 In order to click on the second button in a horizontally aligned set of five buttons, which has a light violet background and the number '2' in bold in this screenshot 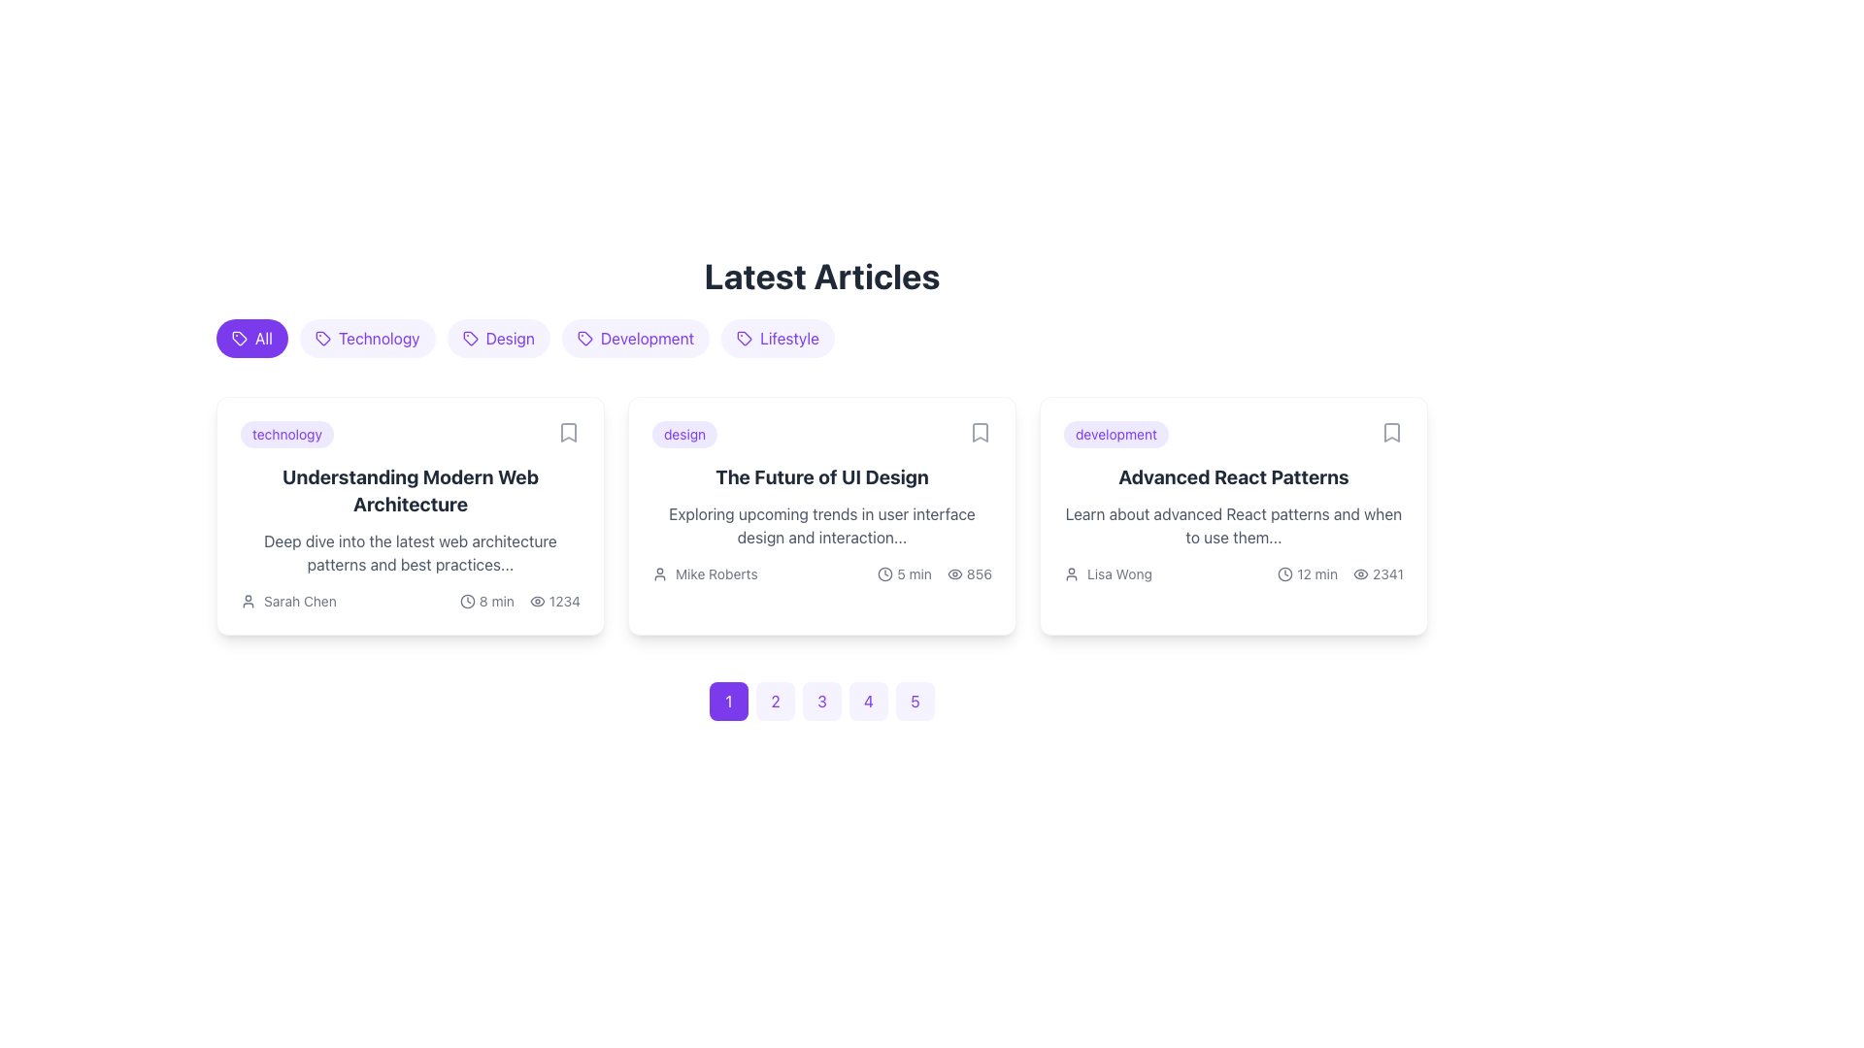, I will do `click(774, 701)`.